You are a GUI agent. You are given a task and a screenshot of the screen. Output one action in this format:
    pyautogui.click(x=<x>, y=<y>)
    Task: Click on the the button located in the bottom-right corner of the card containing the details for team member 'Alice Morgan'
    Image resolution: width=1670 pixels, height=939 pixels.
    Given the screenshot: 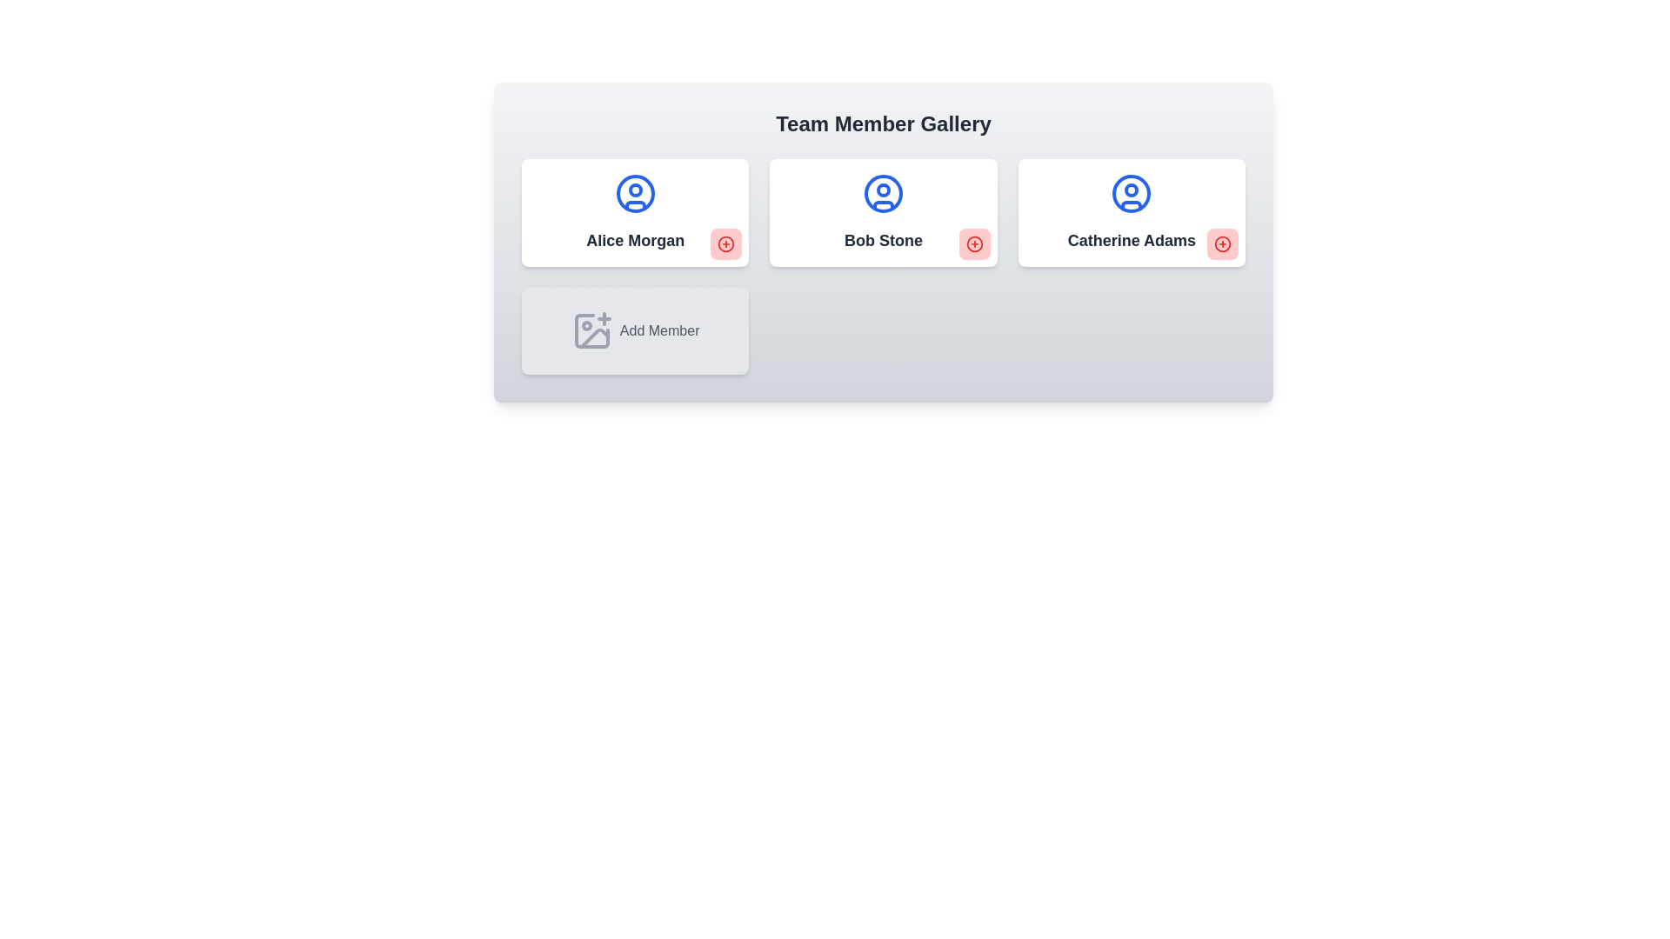 What is the action you would take?
    pyautogui.click(x=726, y=244)
    